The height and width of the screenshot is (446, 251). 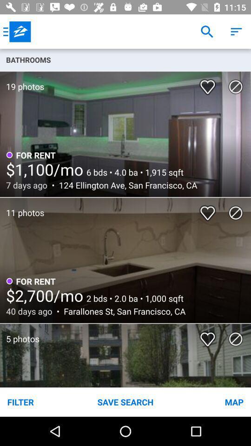 What do you see at coordinates (20, 334) in the screenshot?
I see `the 5 photos` at bounding box center [20, 334].